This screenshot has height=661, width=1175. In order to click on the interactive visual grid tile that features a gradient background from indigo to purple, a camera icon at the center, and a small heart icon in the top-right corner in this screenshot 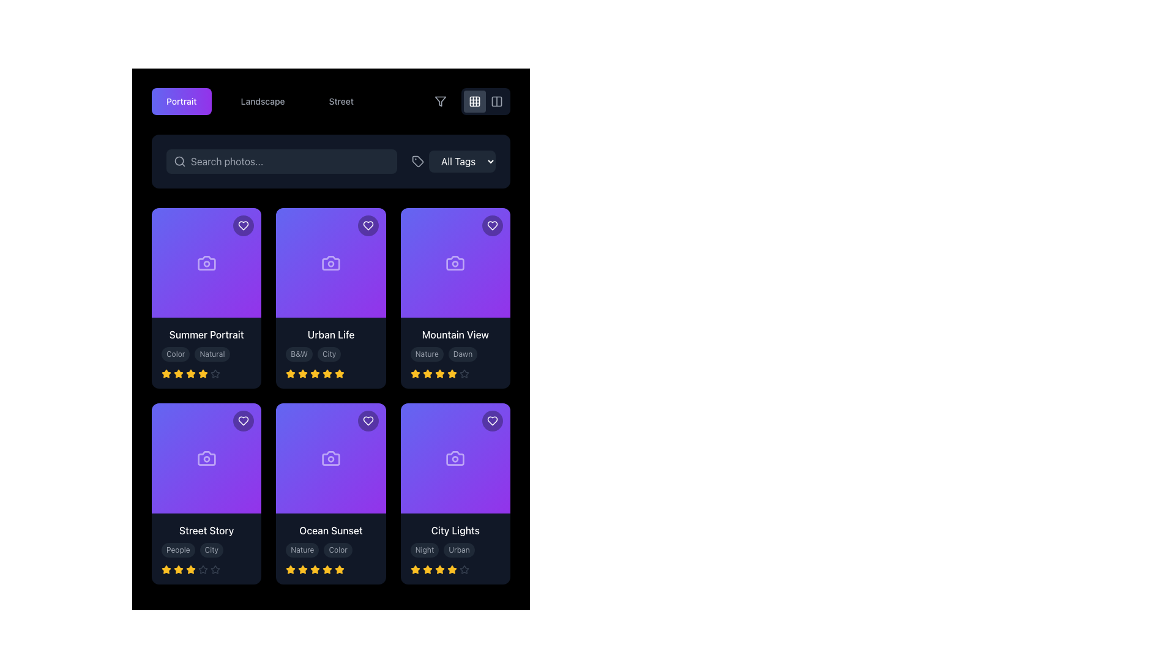, I will do `click(331, 262)`.